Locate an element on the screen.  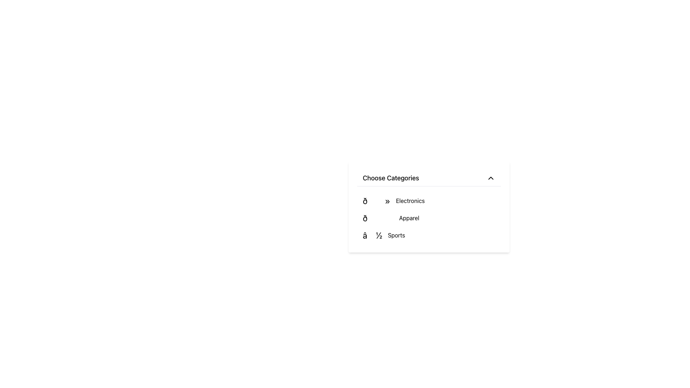
the text label displaying 'Apparel' in the dropdown menu under 'Choose Categories' is located at coordinates (409, 217).